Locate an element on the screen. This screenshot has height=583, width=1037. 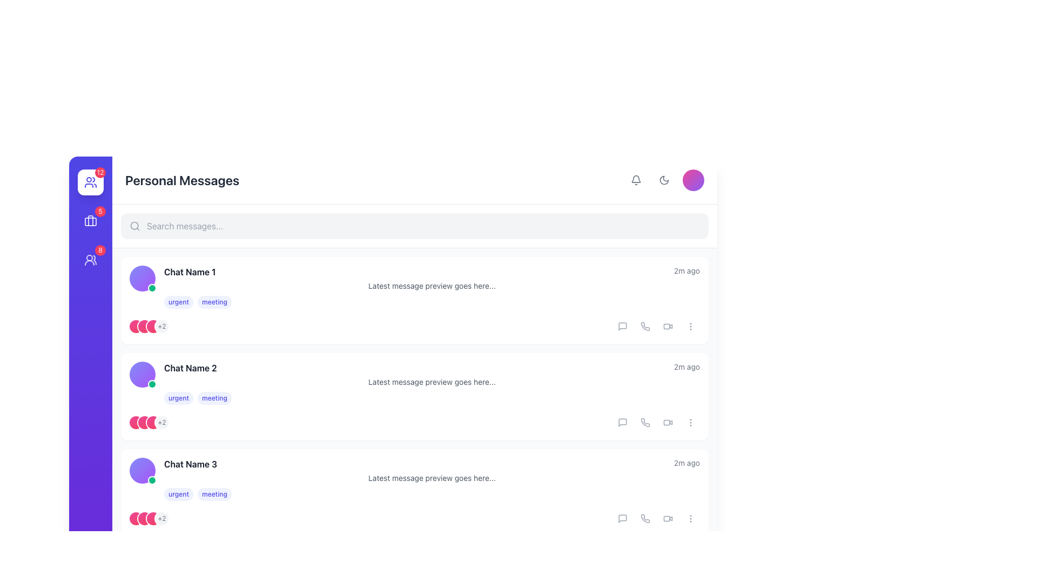
the Avatar icon, which is a small circular gradient-styled icon transitioning from pink to rose with a white ring outline, located as the third of four icons under 'Chat Name 3' is located at coordinates (152, 518).